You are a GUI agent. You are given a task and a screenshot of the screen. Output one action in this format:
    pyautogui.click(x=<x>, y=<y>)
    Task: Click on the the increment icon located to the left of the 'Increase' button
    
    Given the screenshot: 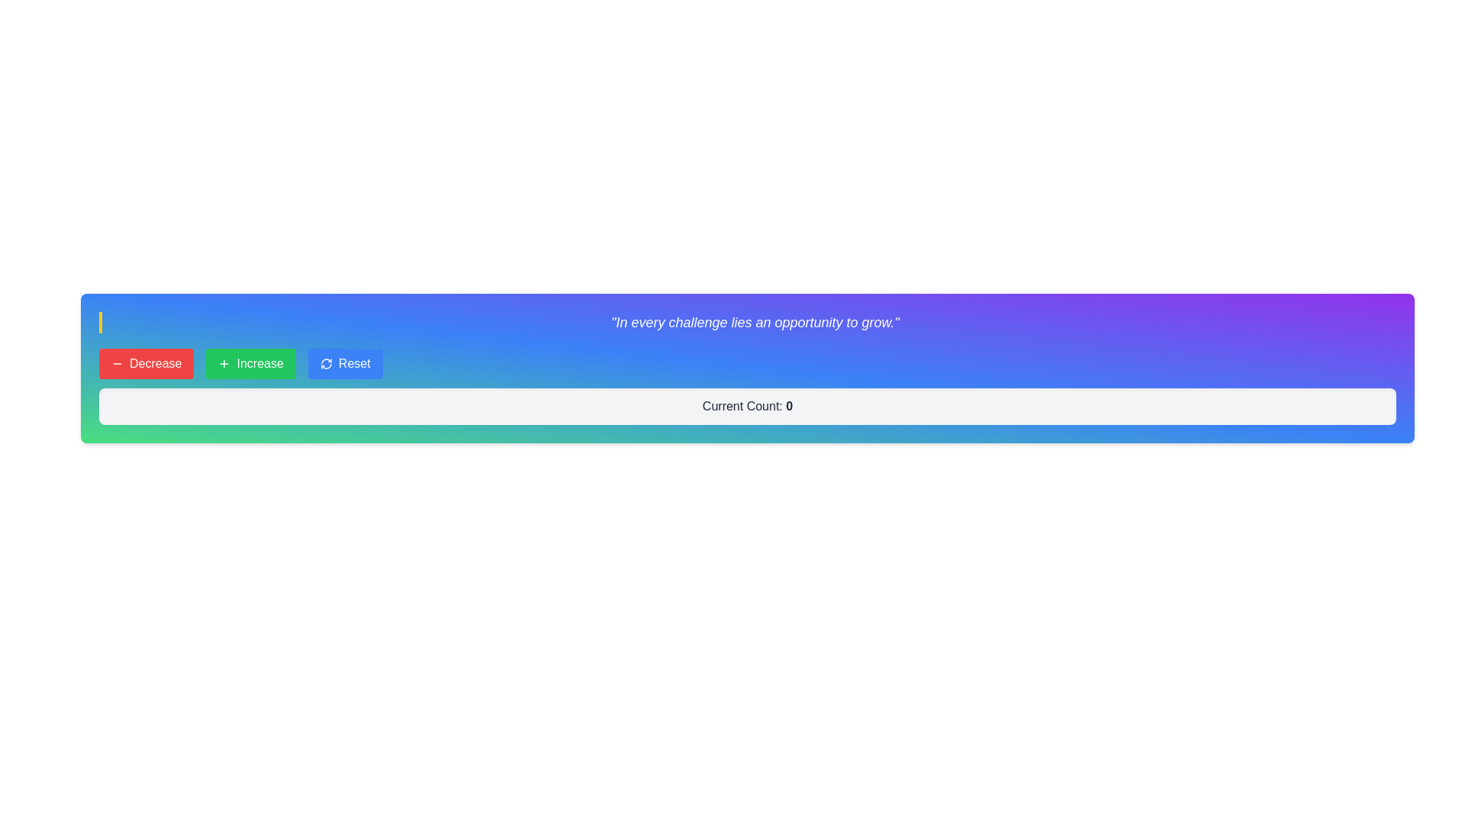 What is the action you would take?
    pyautogui.click(x=224, y=364)
    